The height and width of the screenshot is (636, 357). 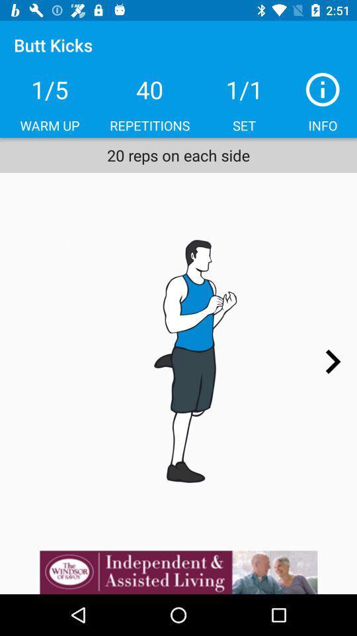 What do you see at coordinates (322, 89) in the screenshot?
I see `info` at bounding box center [322, 89].